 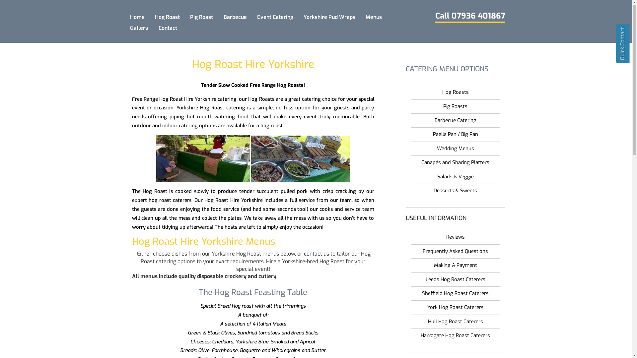 I want to click on 'Wedding Menus', so click(x=455, y=149).